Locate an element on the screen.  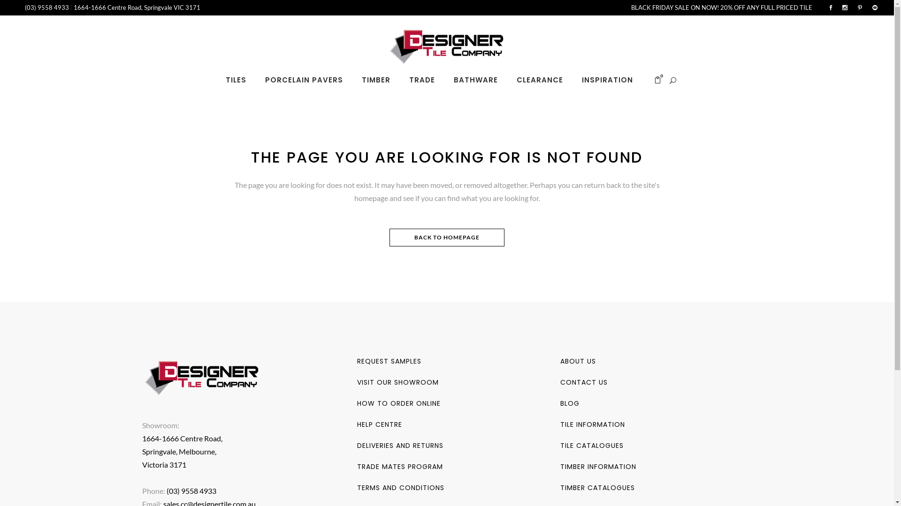
'TILE CATALOGUES' is located at coordinates (591, 445).